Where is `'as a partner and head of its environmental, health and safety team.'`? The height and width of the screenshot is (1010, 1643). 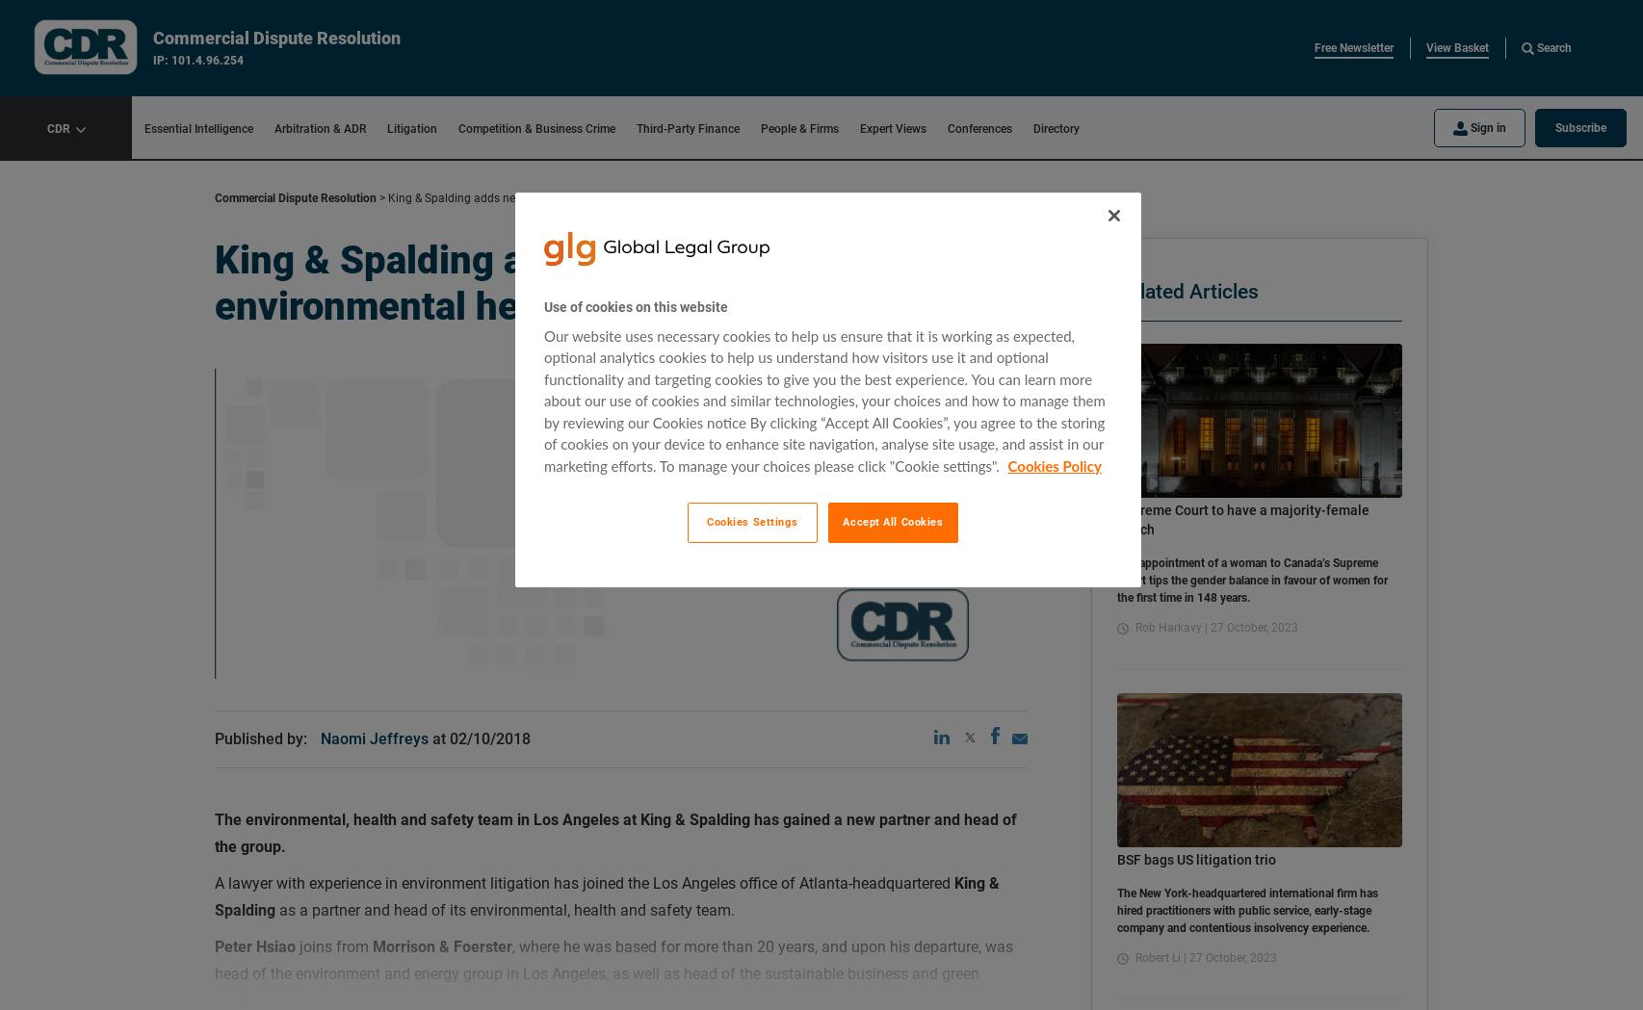
'as a partner and head of its environmental, health and safety team.' is located at coordinates (274, 910).